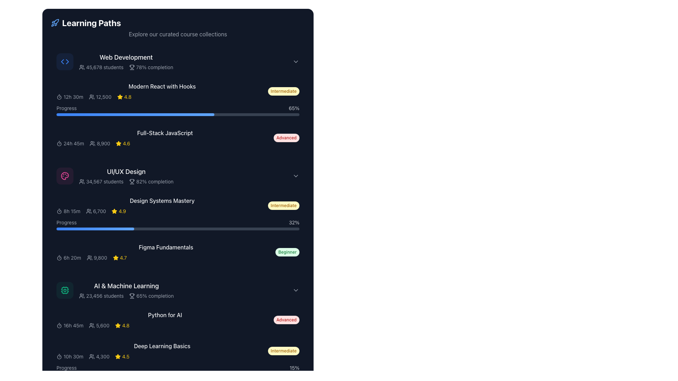 The image size is (678, 381). Describe the element at coordinates (89, 258) in the screenshot. I see `the user statistics icon located to the far left of the number representing students enrolled ('9,800') beneath the course name 'Figma Fundamentals' in the 'UI/UX Design' section if it is interactive` at that location.